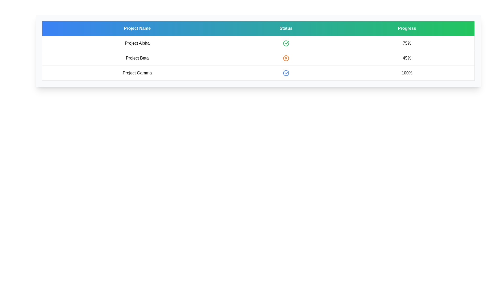 The width and height of the screenshot is (503, 282). What do you see at coordinates (258, 58) in the screenshot?
I see `the table row corresponding to Project Beta to open the context menu` at bounding box center [258, 58].